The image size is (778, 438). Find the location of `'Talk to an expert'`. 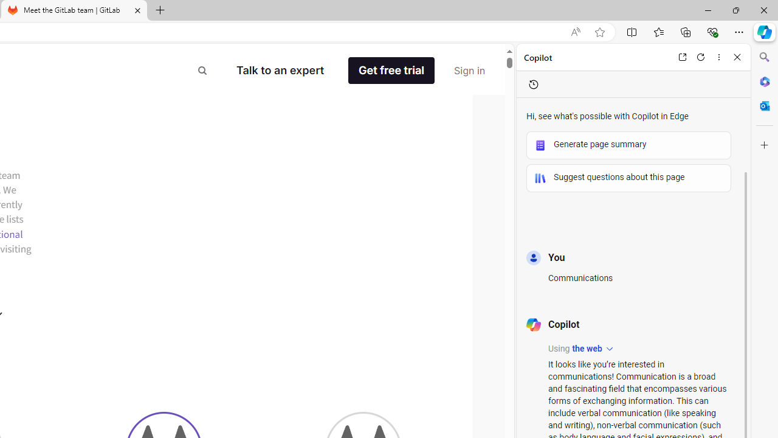

'Talk to an expert' is located at coordinates (280, 70).